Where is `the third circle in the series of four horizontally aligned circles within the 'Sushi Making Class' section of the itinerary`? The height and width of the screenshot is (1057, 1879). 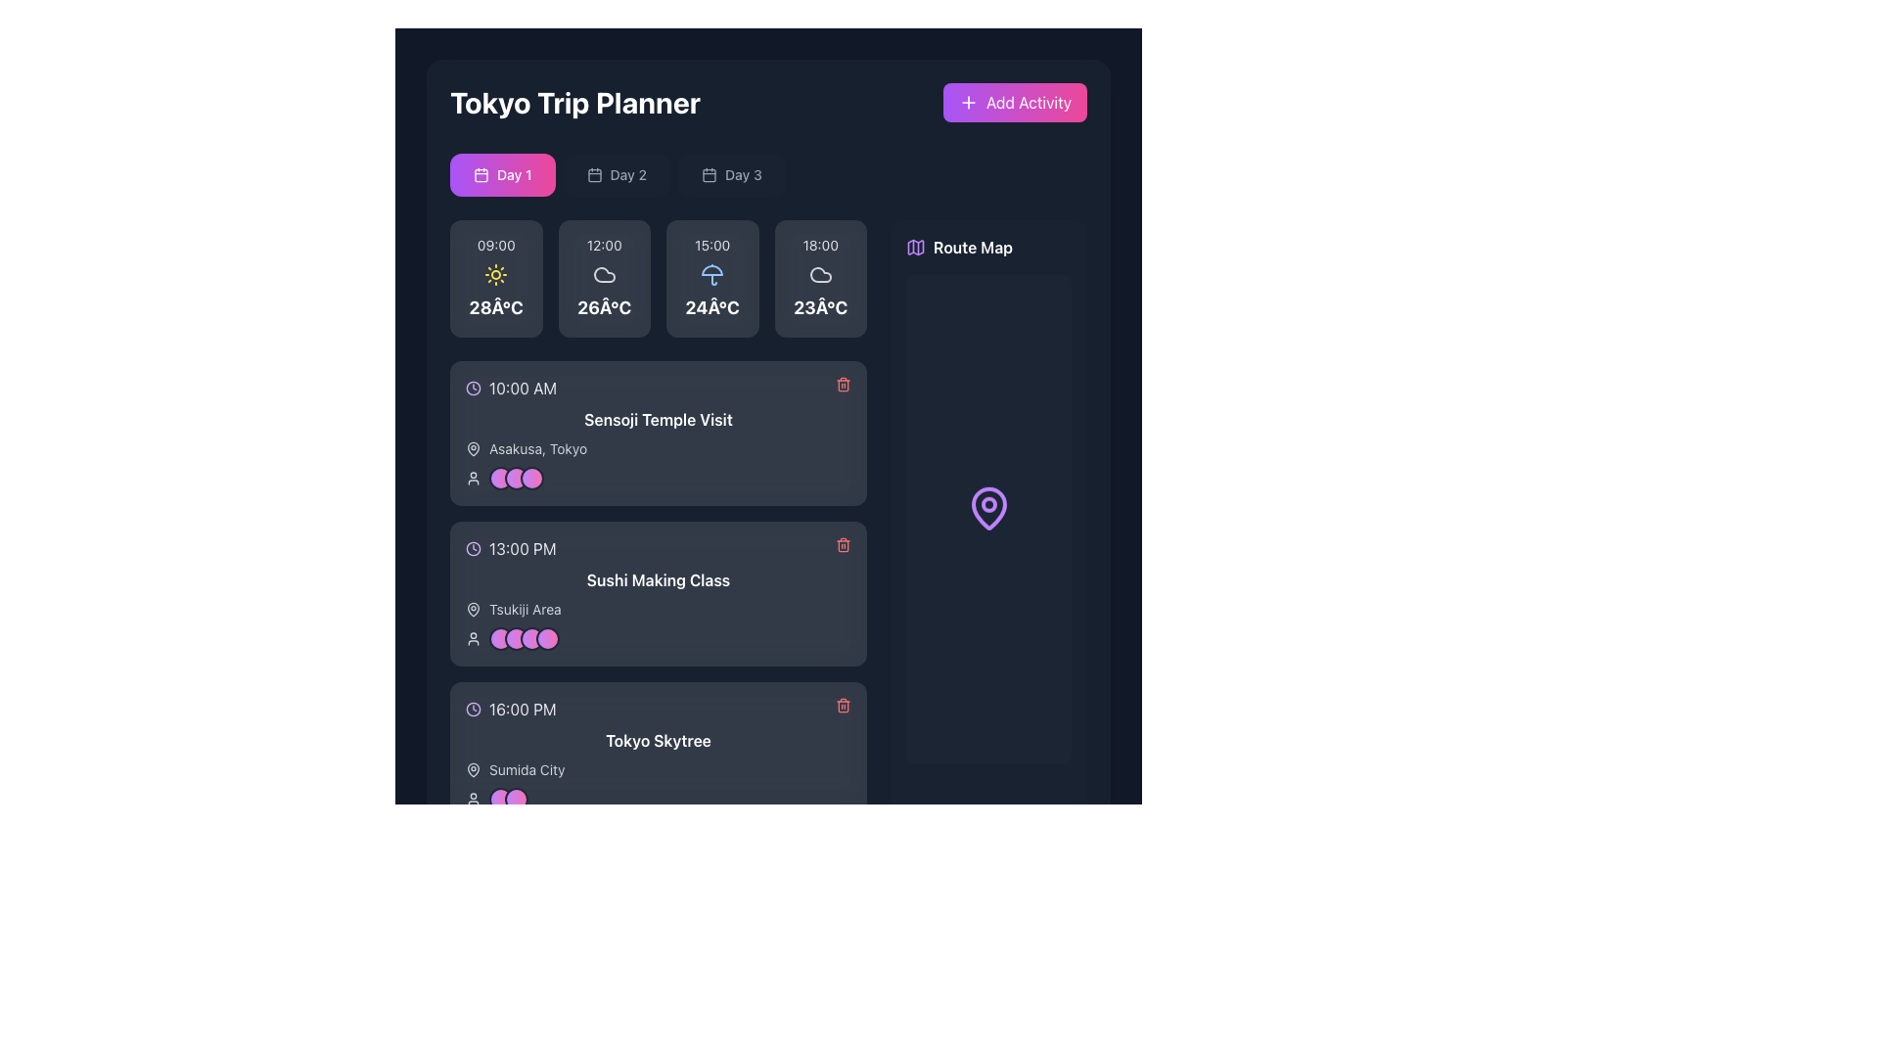
the third circle in the series of four horizontally aligned circles within the 'Sushi Making Class' section of the itinerary is located at coordinates (531, 638).